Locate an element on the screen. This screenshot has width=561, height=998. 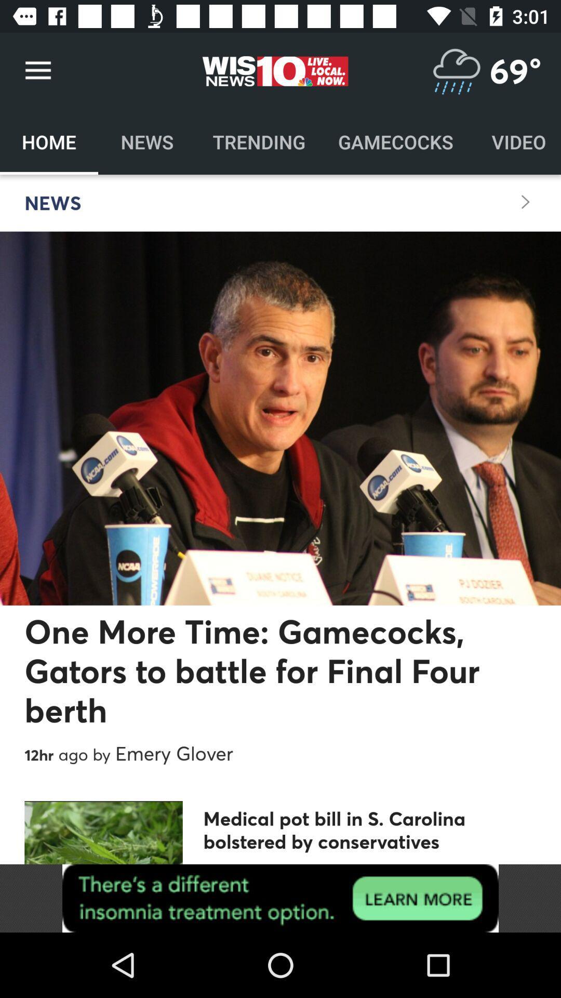
the next icon which is below video on page is located at coordinates (525, 202).